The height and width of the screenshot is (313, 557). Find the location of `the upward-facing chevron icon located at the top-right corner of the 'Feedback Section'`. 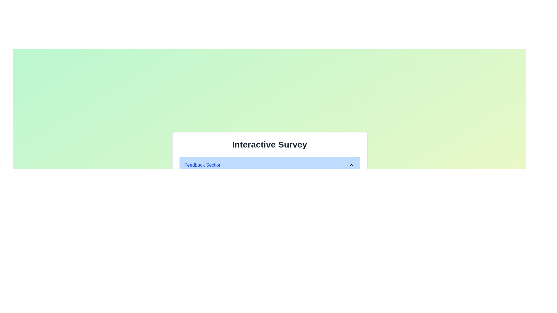

the upward-facing chevron icon located at the top-right corner of the 'Feedback Section' is located at coordinates (351, 165).